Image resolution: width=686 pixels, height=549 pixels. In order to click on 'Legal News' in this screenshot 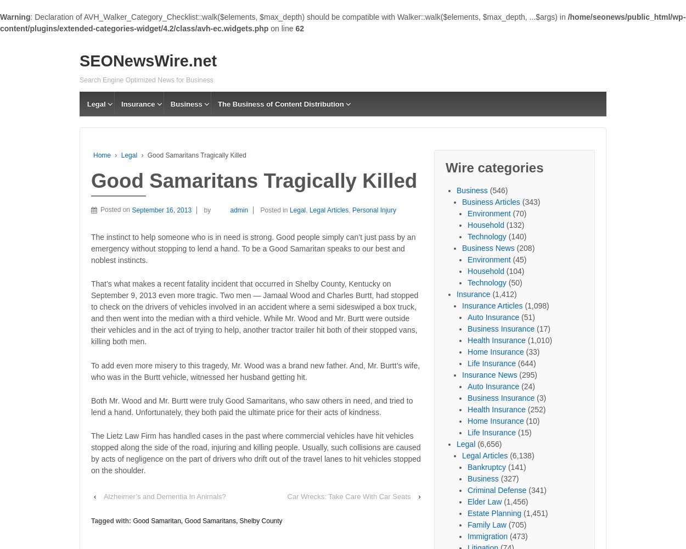, I will do `click(103, 116)`.